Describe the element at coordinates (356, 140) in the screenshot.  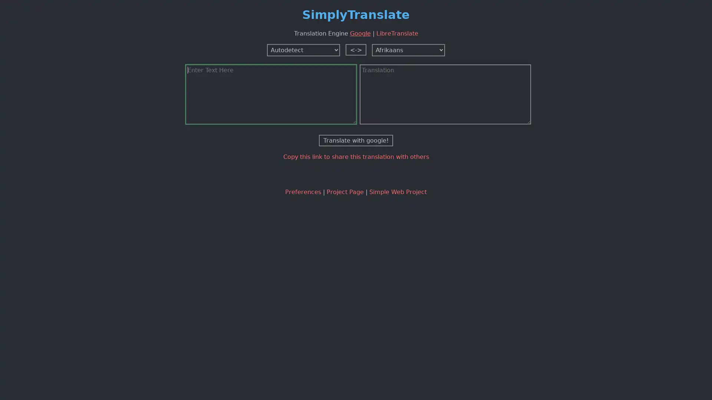
I see `Translate with google!` at that location.